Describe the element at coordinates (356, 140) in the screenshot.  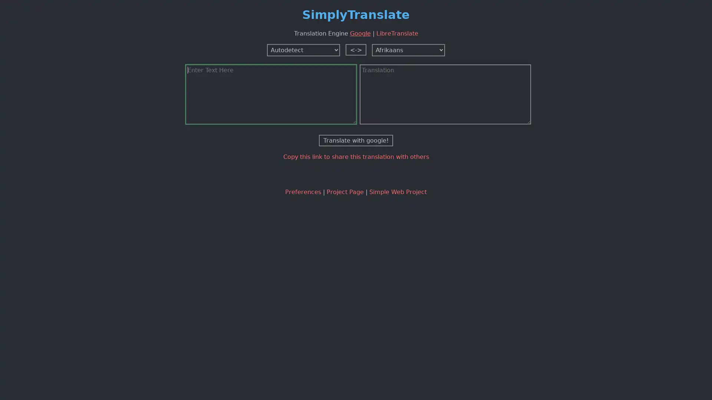
I see `Translate with google!` at that location.